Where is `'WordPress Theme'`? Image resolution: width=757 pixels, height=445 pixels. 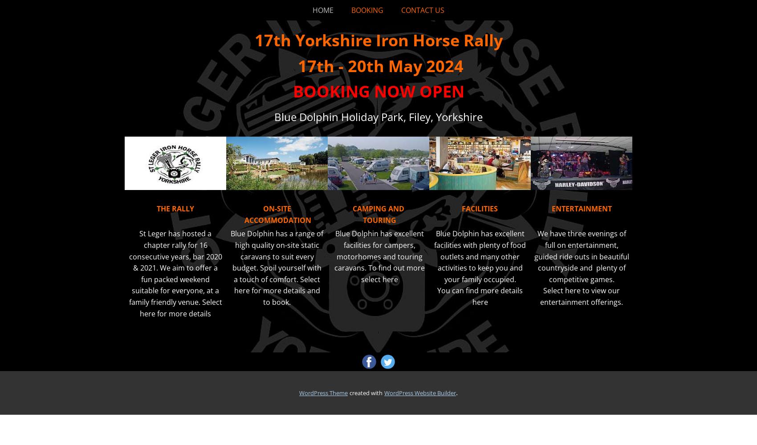 'WordPress Theme' is located at coordinates (323, 393).